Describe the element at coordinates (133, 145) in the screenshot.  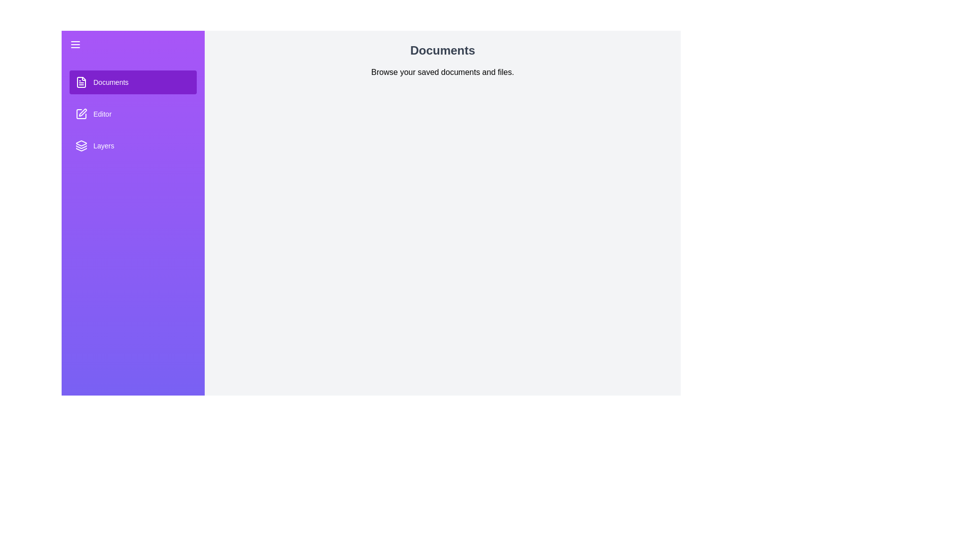
I see `the section named Layers` at that location.